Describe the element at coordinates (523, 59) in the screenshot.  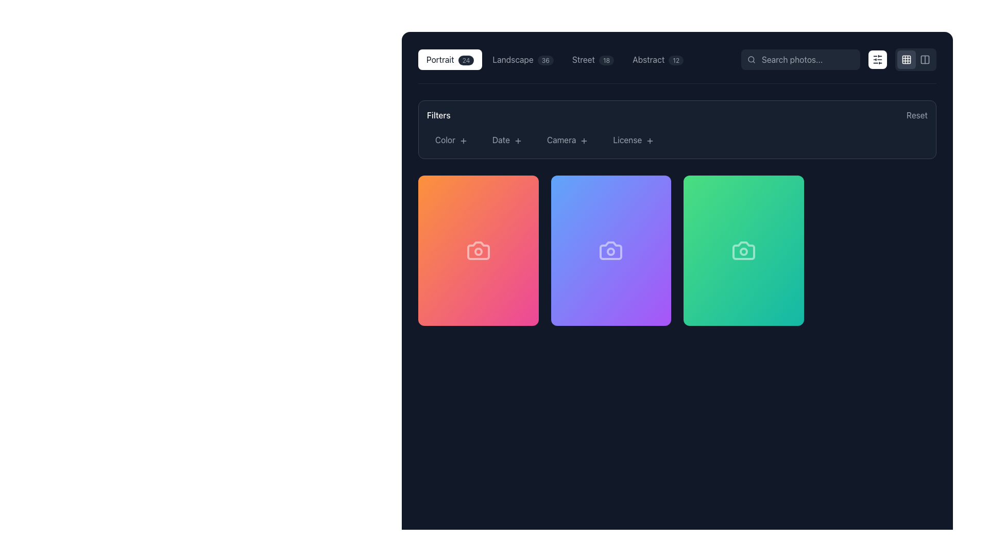
I see `the 'Landscape' category selector button located between the 'Portrait' and 'Street' buttons to change its color to white` at that location.